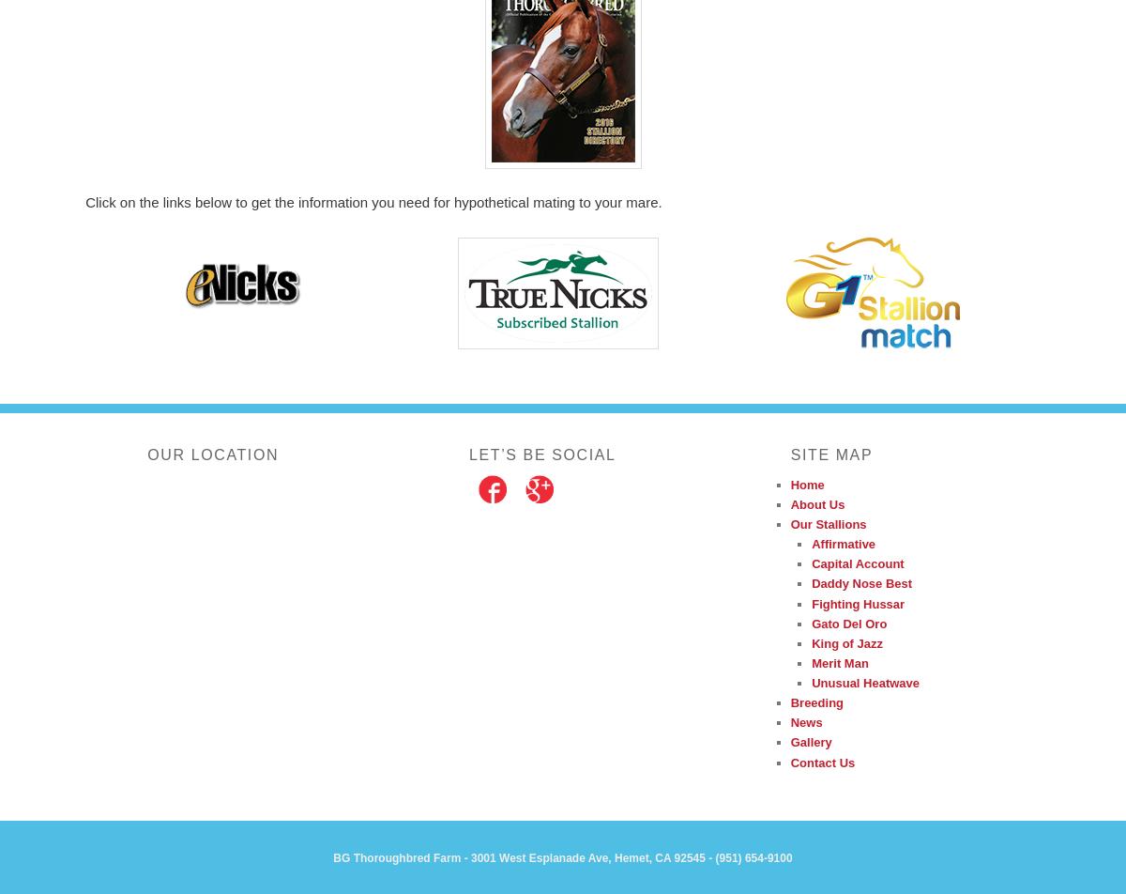 This screenshot has height=894, width=1126. Describe the element at coordinates (843, 544) in the screenshot. I see `'Affirmative'` at that location.